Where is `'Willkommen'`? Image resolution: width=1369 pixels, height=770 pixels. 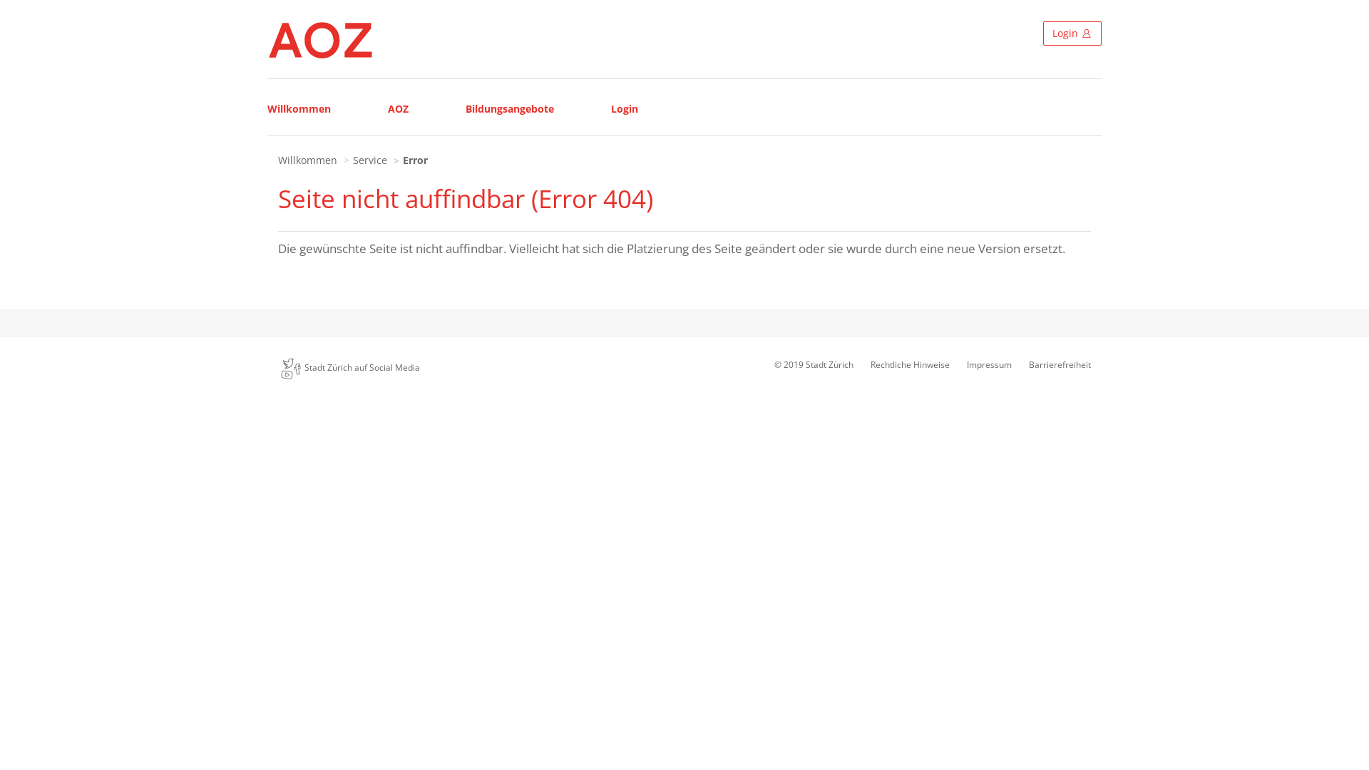
'Willkommen' is located at coordinates (298, 106).